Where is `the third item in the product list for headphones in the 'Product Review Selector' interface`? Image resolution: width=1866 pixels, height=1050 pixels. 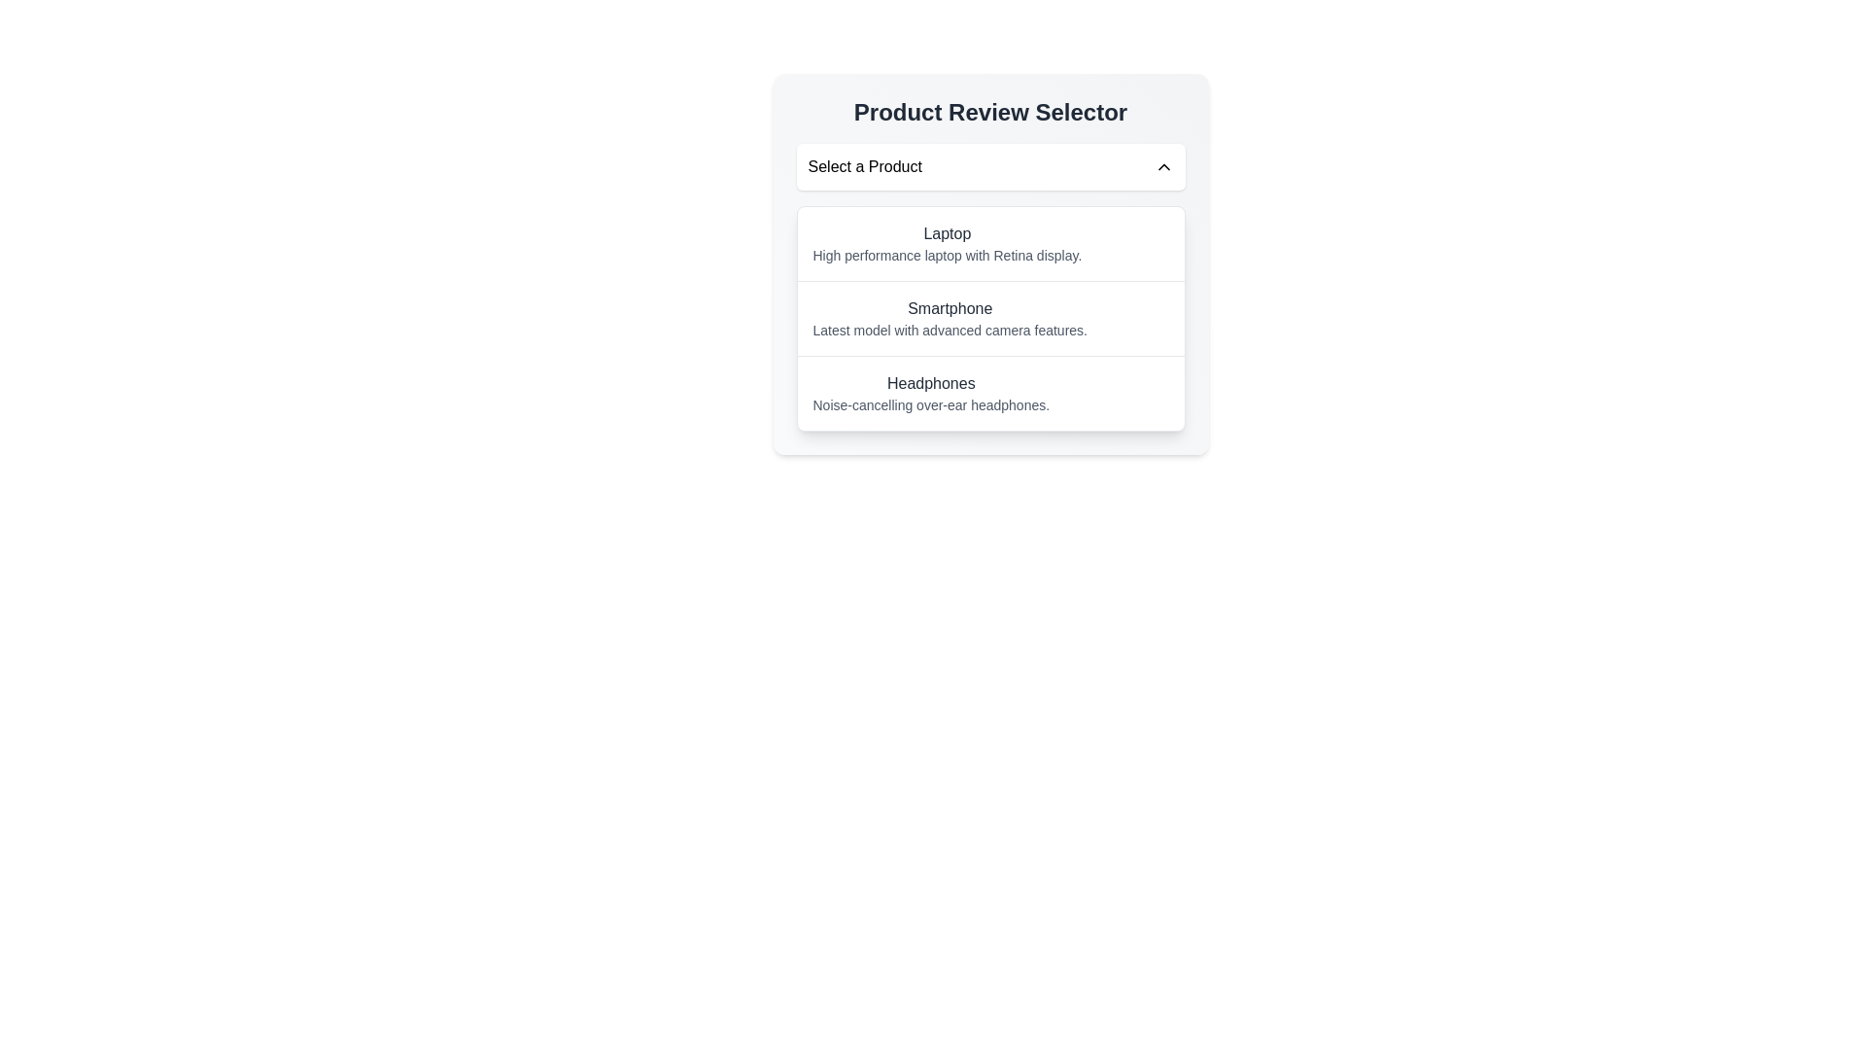
the third item in the product list for headphones in the 'Product Review Selector' interface is located at coordinates (990, 393).